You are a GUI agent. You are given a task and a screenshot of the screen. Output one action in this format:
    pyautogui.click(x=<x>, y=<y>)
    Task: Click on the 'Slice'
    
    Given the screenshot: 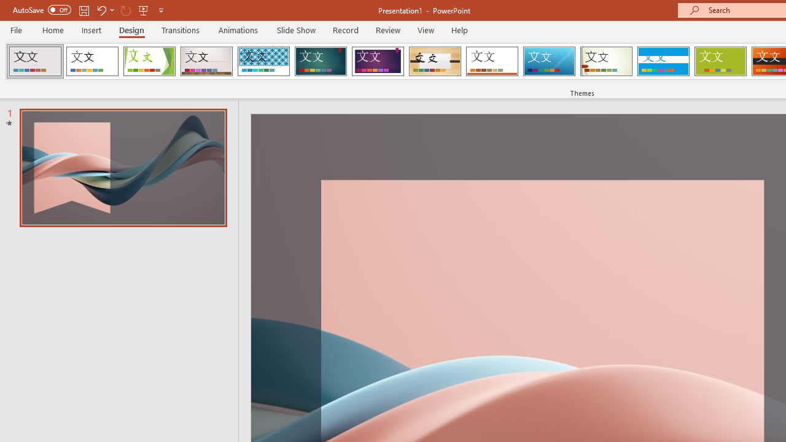 What is the action you would take?
    pyautogui.click(x=548, y=61)
    